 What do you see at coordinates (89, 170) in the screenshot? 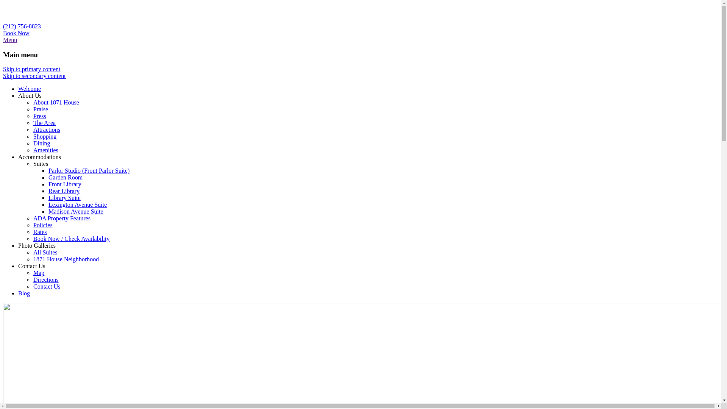
I see `'Parlor Studio (Front Parlor Suite)'` at bounding box center [89, 170].